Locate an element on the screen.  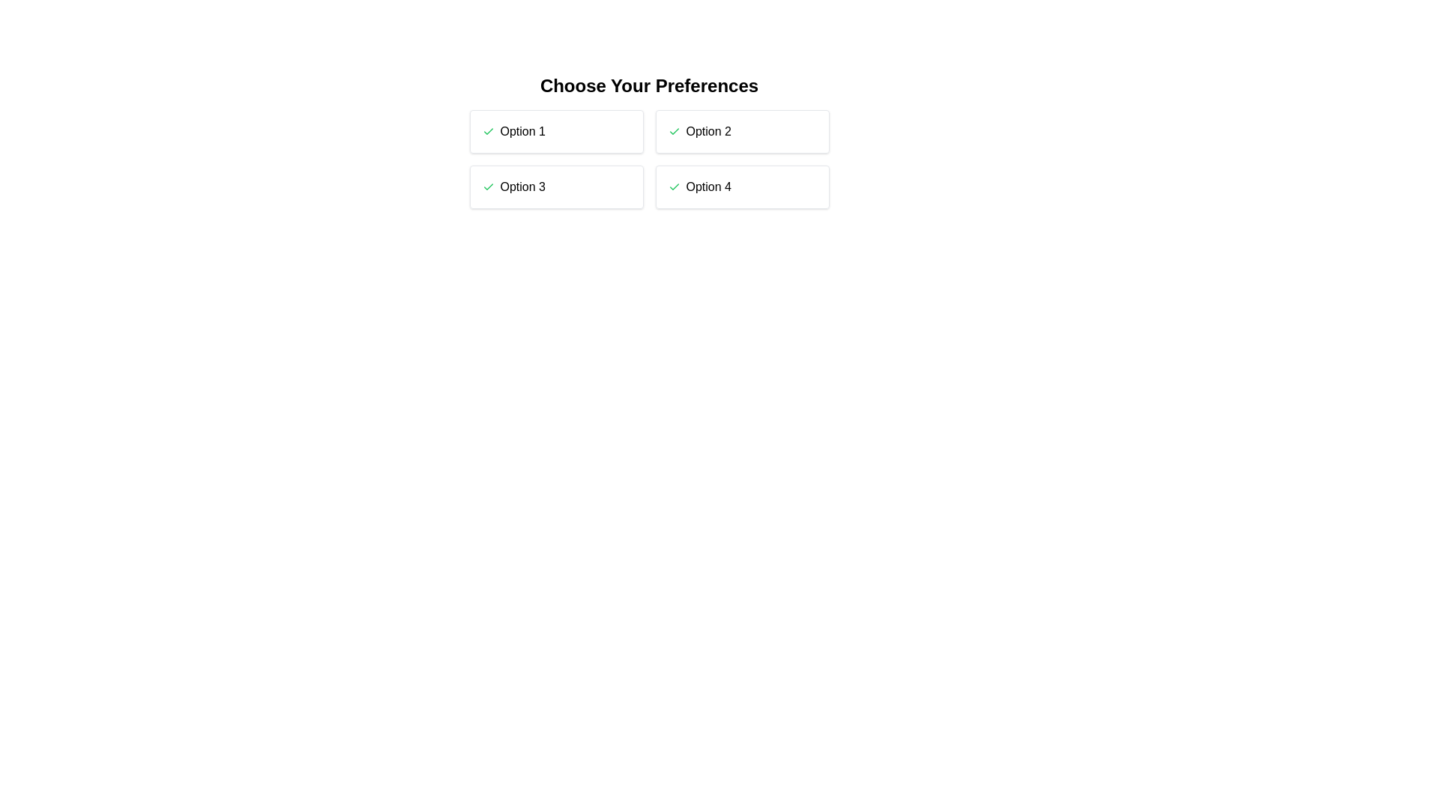
the text label of the option Option 2 is located at coordinates (708, 131).